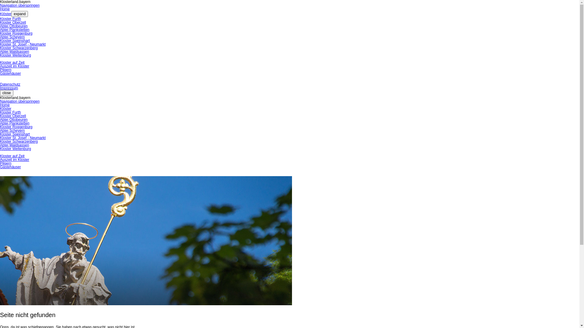 The width and height of the screenshot is (584, 328). I want to click on 'Kloster St. Josef - Neumarkt', so click(23, 138).